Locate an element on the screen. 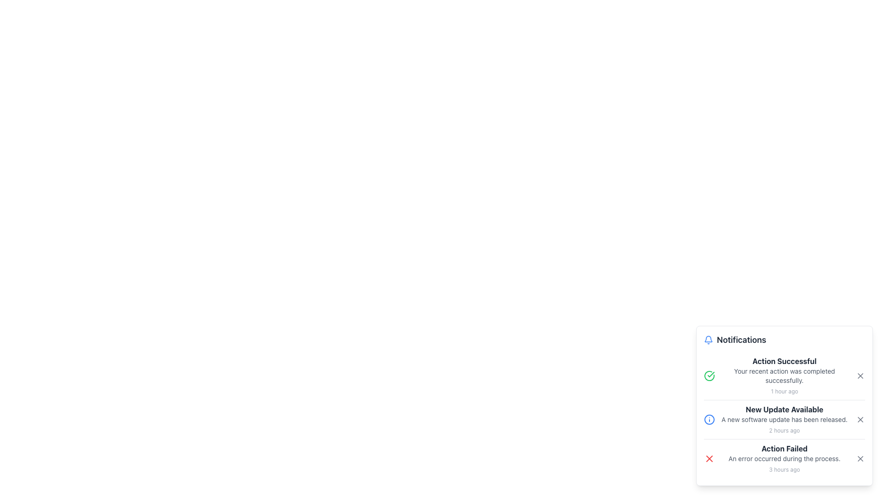 The image size is (884, 497). the button in the top-right corner of the 'Action Successful' notification is located at coordinates (860, 376).